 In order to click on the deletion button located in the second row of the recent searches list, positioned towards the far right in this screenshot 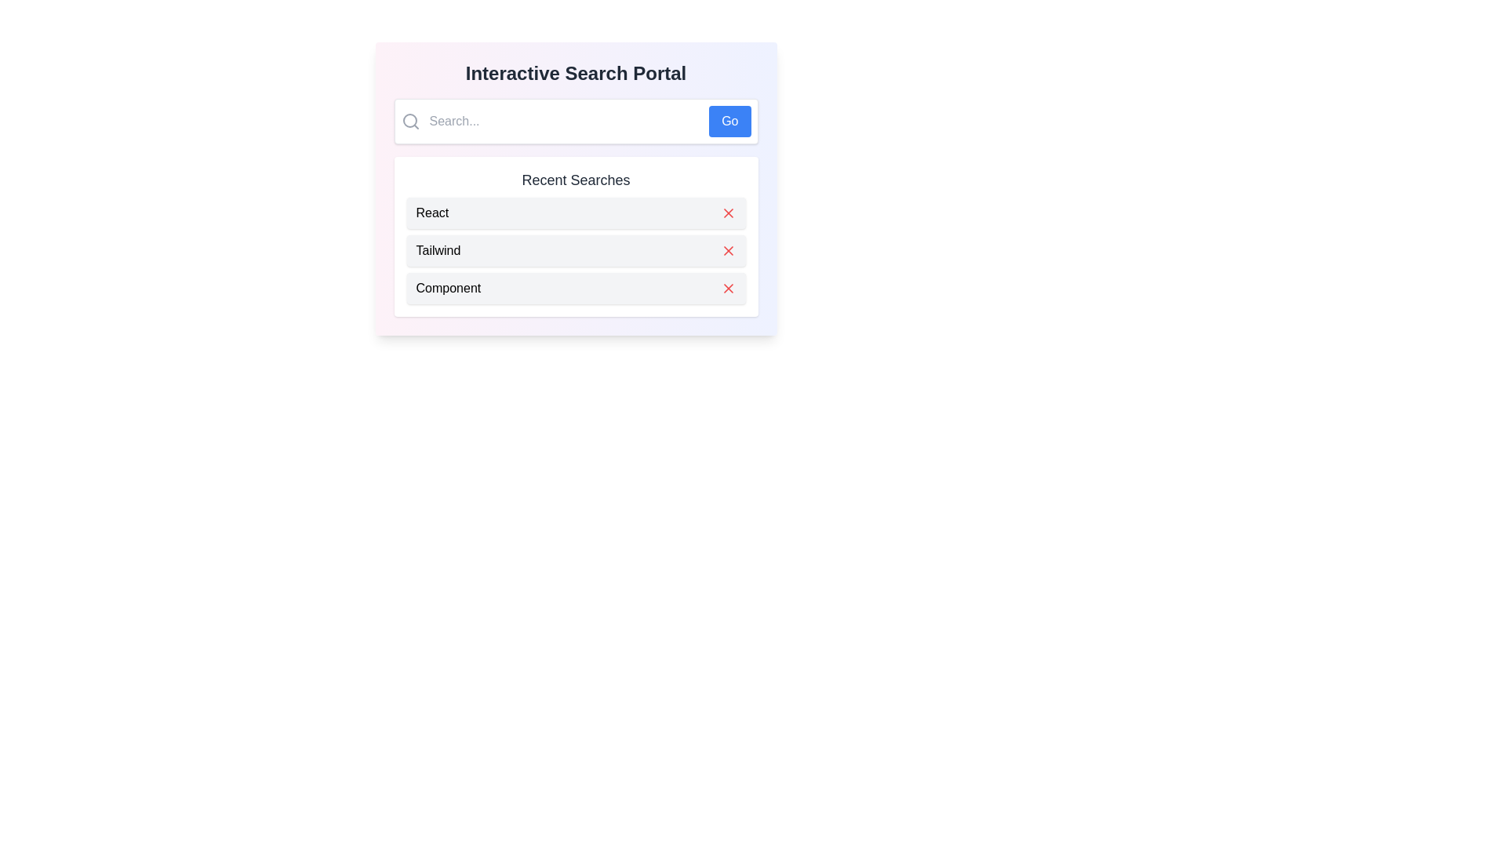, I will do `click(727, 250)`.